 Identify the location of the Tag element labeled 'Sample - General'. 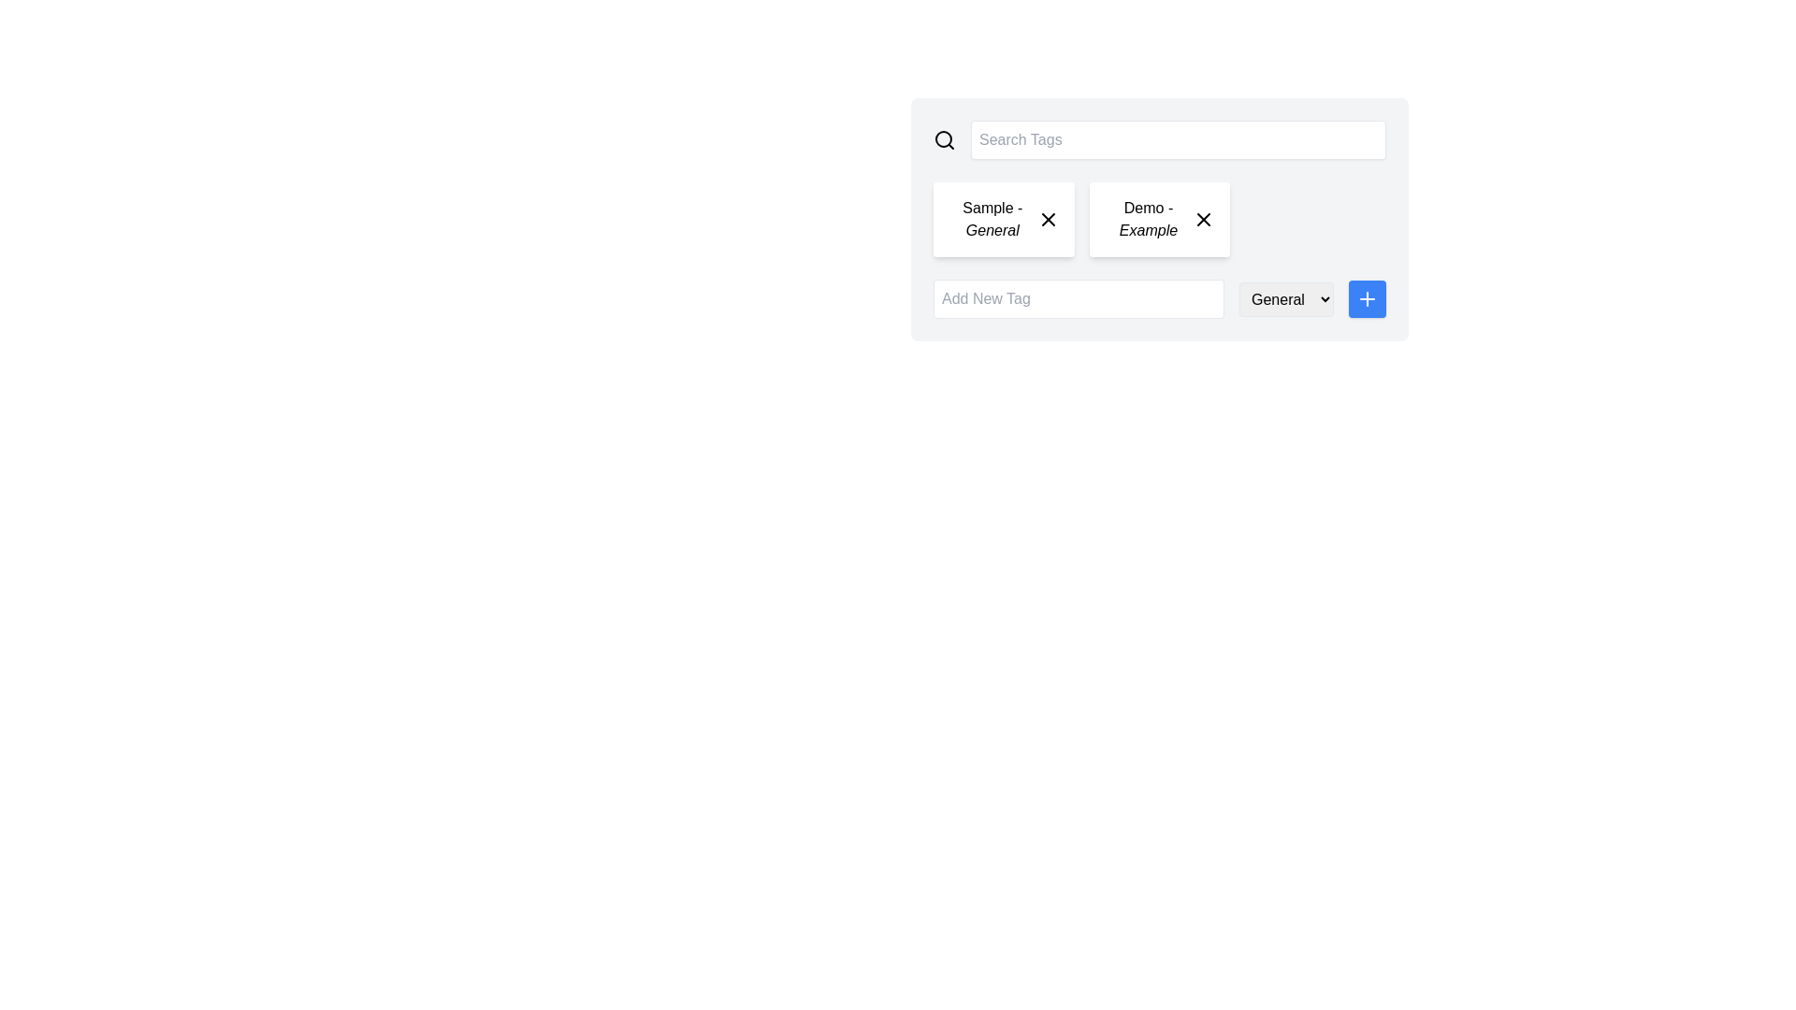
(1003, 219).